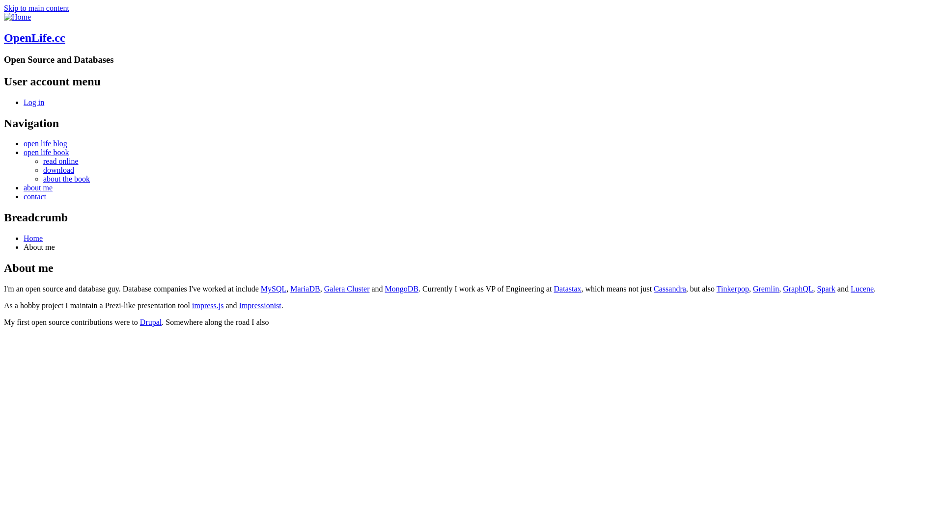 This screenshot has height=530, width=943. Describe the element at coordinates (260, 305) in the screenshot. I see `'Impressionist'` at that location.